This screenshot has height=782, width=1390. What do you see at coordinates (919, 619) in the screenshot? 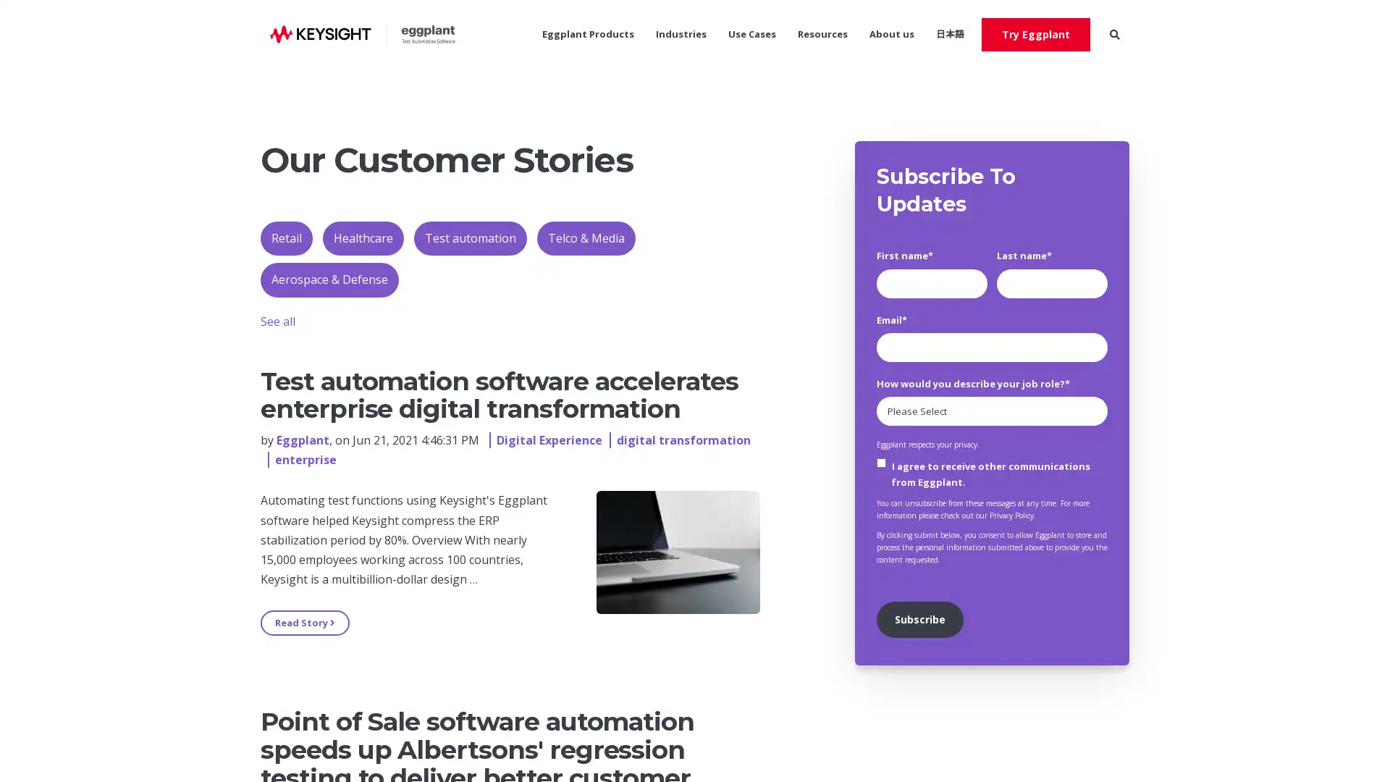
I see `Subscribe` at bounding box center [919, 619].